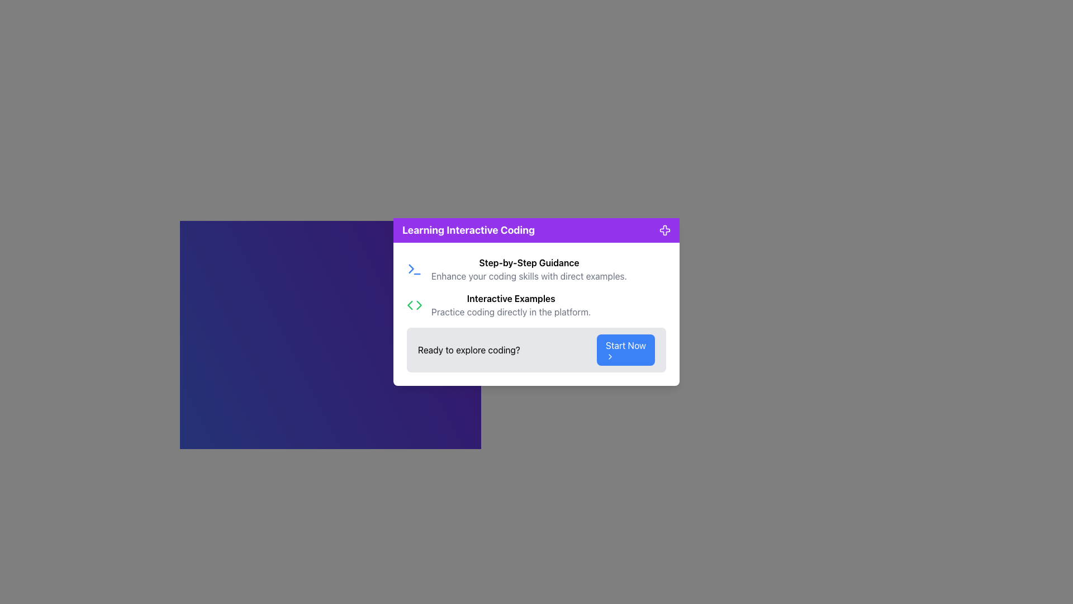  Describe the element at coordinates (419, 305) in the screenshot. I see `the triangular arrow-like SVG graphic element that is green and part of an icon depicting coding elements, located in the middle-right section of the card titled 'Learning Interactive Coding'` at that location.